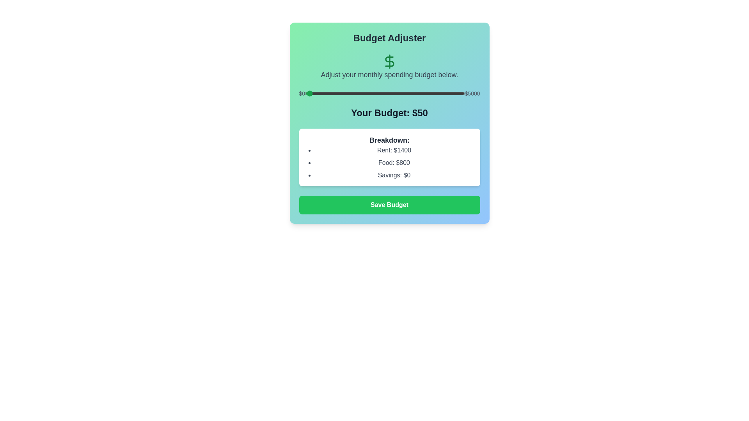  What do you see at coordinates (447, 93) in the screenshot?
I see `the budget to 4464 dollars by adjusting the slider` at bounding box center [447, 93].